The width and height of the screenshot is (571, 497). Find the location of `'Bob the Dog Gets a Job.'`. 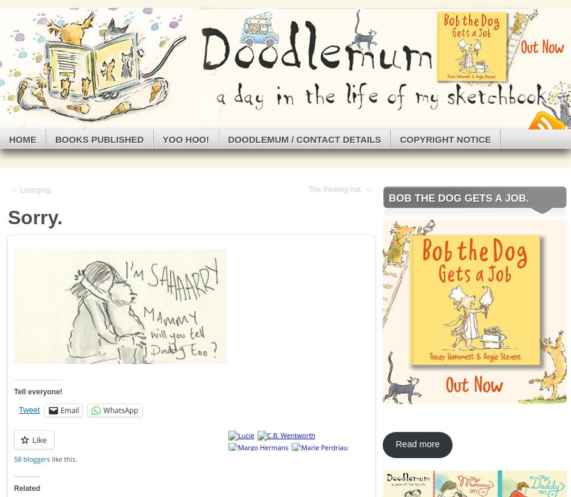

'Bob the Dog Gets a Job.' is located at coordinates (458, 197).